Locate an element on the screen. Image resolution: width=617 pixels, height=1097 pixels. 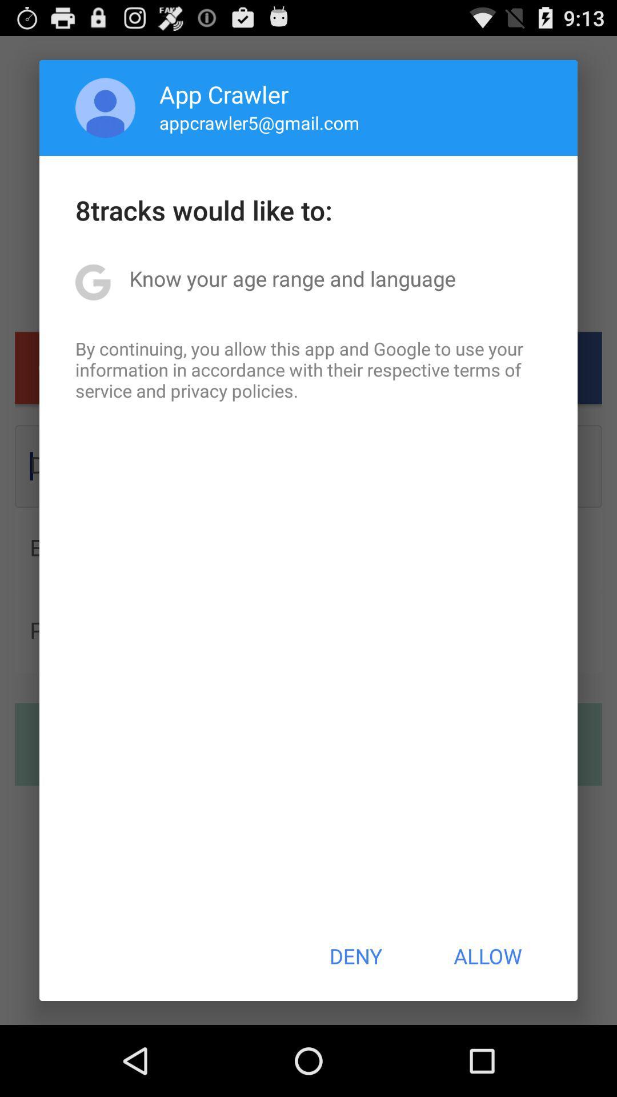
the icon below the app crawler app is located at coordinates (259, 122).